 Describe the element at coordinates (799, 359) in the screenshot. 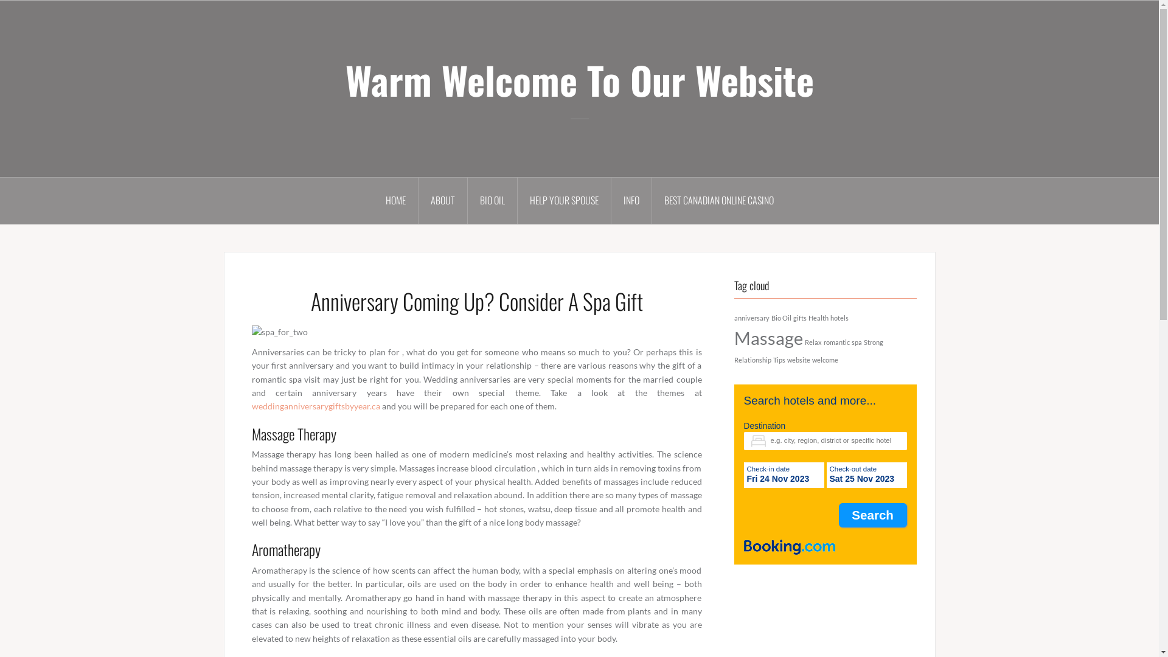

I see `'website'` at that location.